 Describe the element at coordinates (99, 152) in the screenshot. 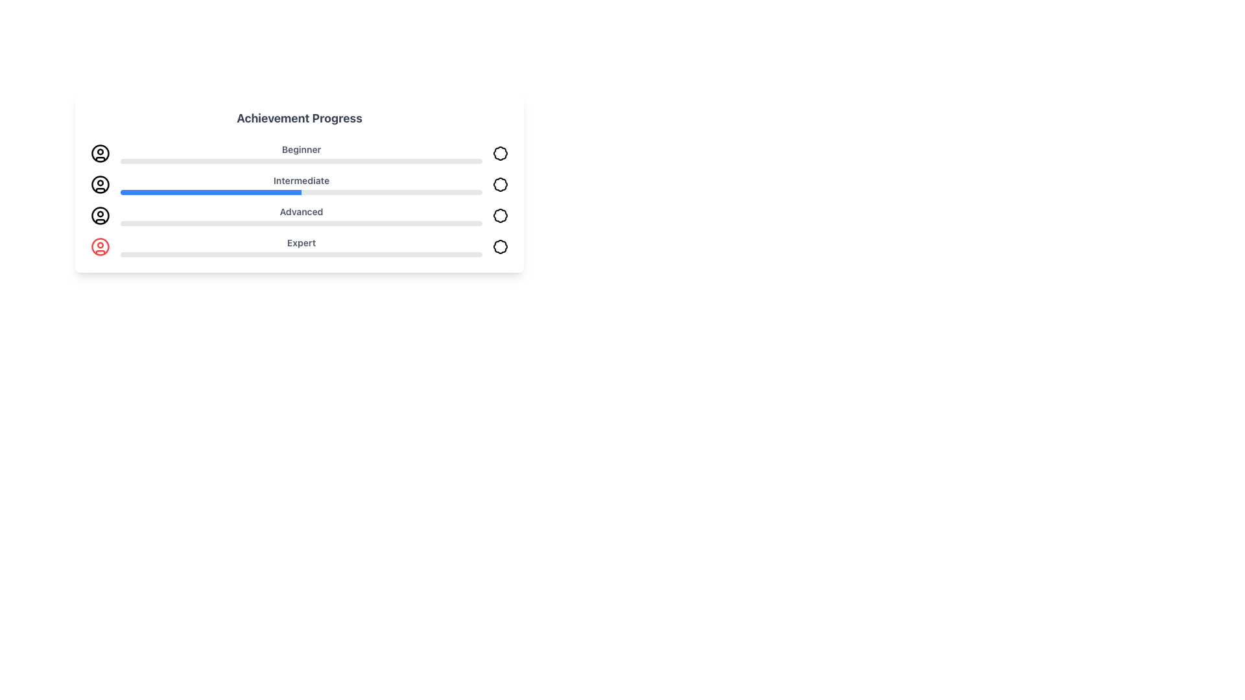

I see `the 'Beginner' icon, which is located at the leftmost side of the first row and adjacent to the 'Beginner' label` at that location.